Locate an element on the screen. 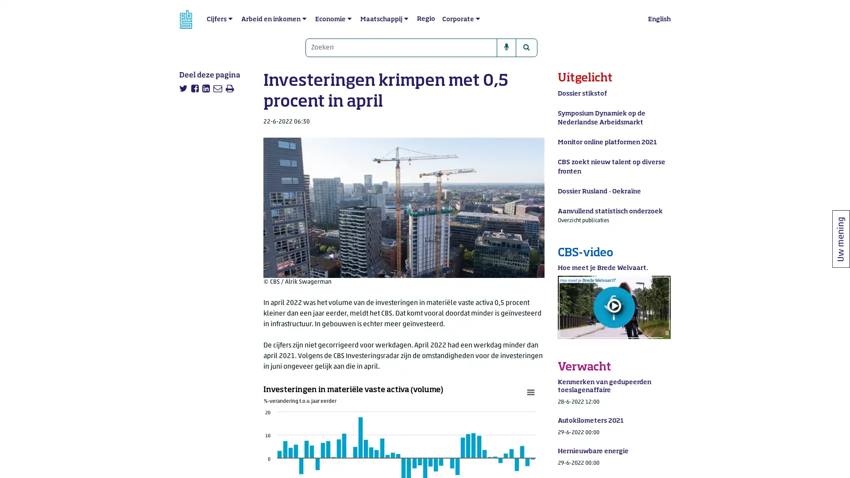  Zoeken is located at coordinates (526, 48).